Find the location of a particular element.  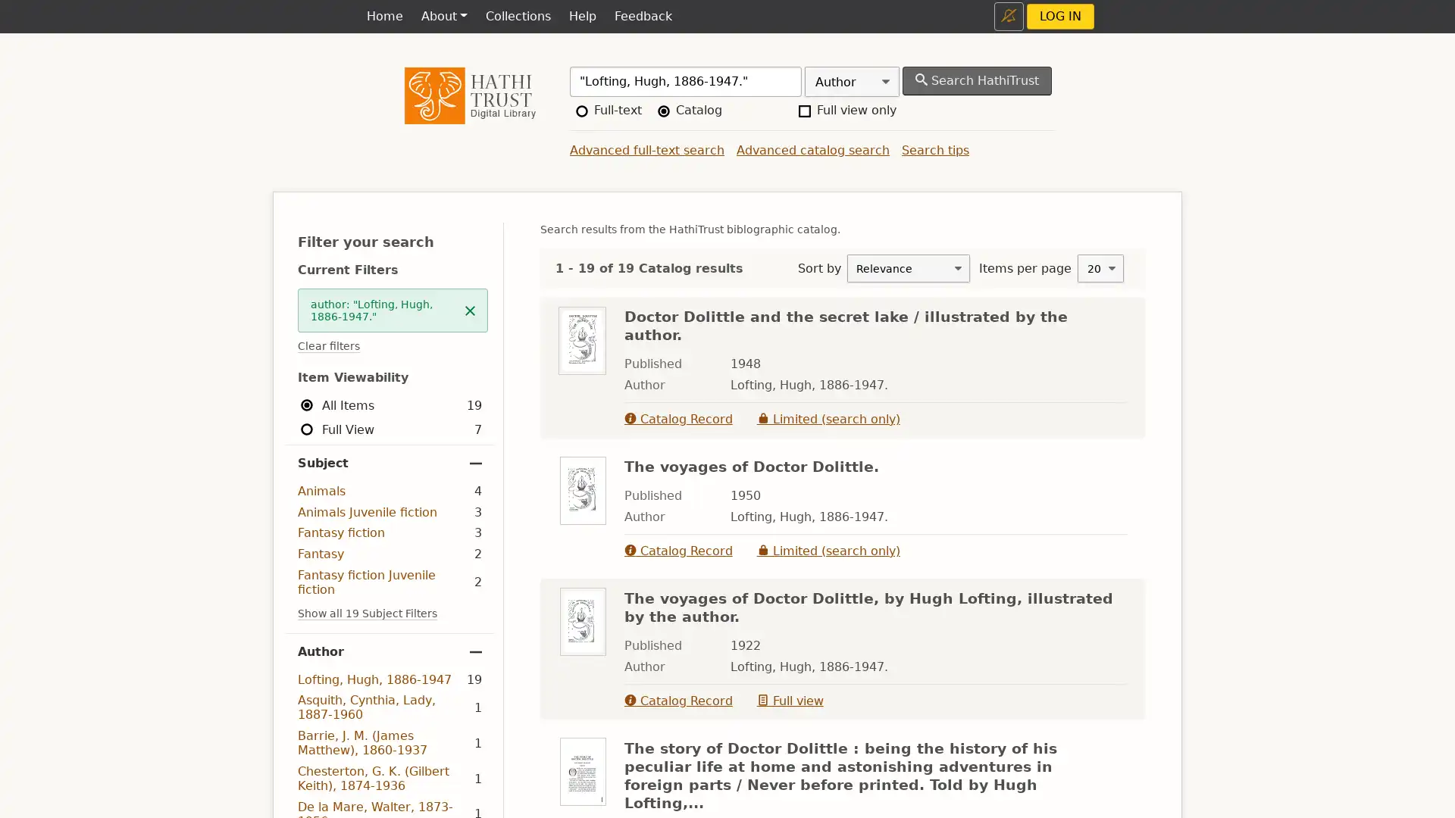

Clear filters is located at coordinates (327, 346).